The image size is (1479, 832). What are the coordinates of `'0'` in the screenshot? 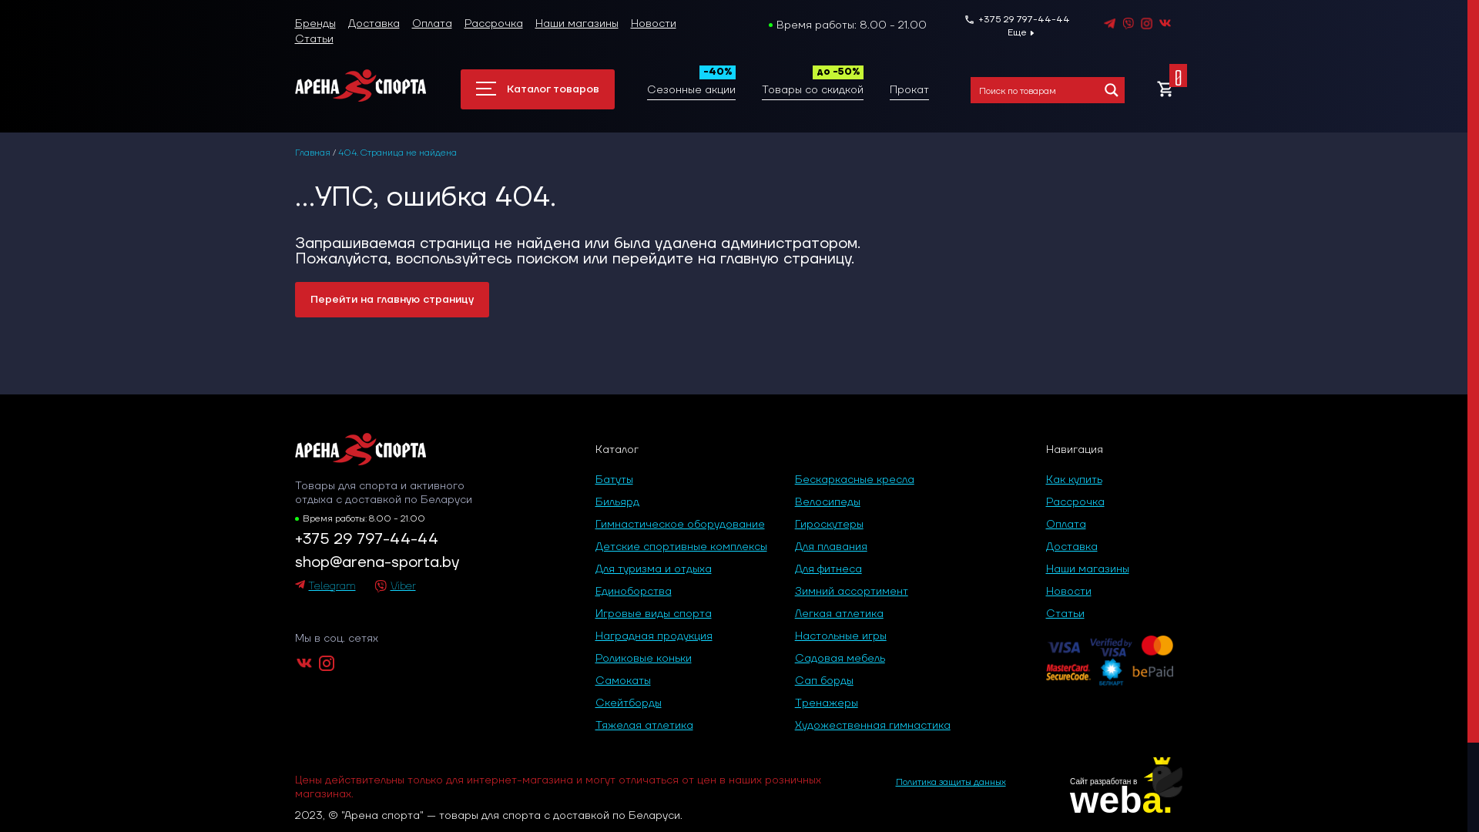 It's located at (1165, 89).